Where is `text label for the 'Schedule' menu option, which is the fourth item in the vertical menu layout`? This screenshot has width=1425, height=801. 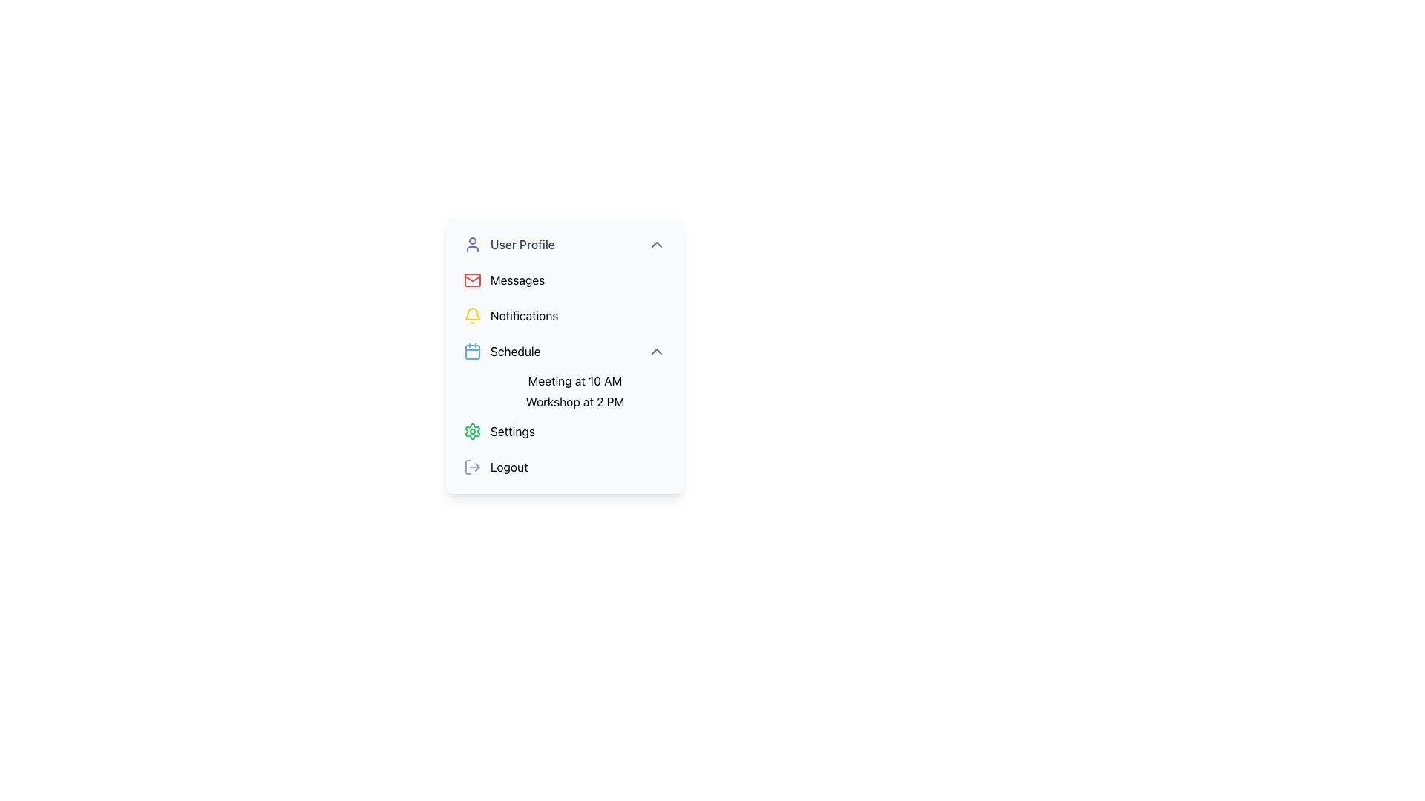
text label for the 'Schedule' menu option, which is the fourth item in the vertical menu layout is located at coordinates (515, 352).